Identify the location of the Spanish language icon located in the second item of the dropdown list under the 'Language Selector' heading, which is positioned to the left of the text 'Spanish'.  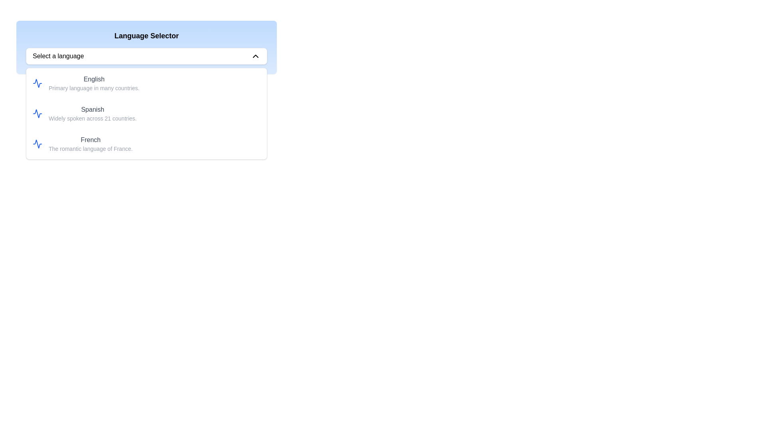
(37, 114).